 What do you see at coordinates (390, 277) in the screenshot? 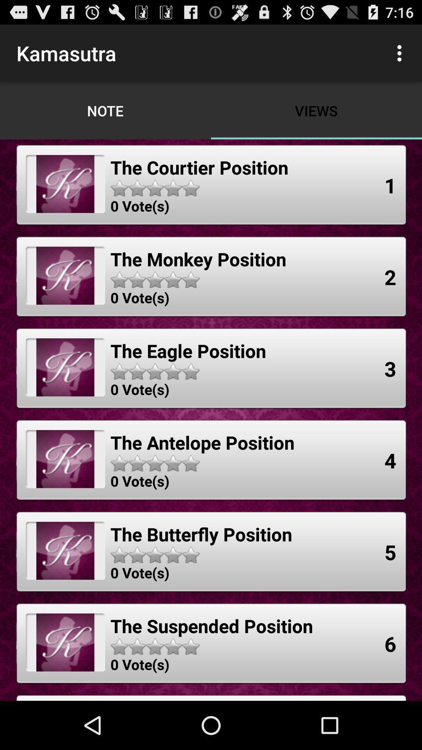
I see `2` at bounding box center [390, 277].